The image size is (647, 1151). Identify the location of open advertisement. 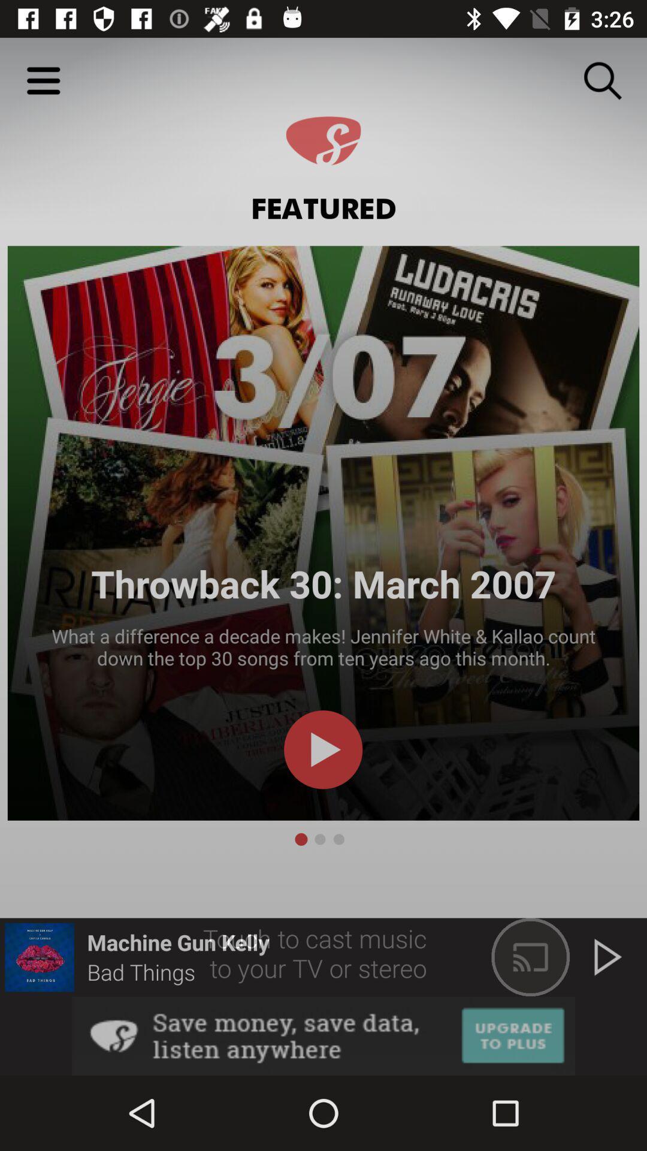
(323, 1035).